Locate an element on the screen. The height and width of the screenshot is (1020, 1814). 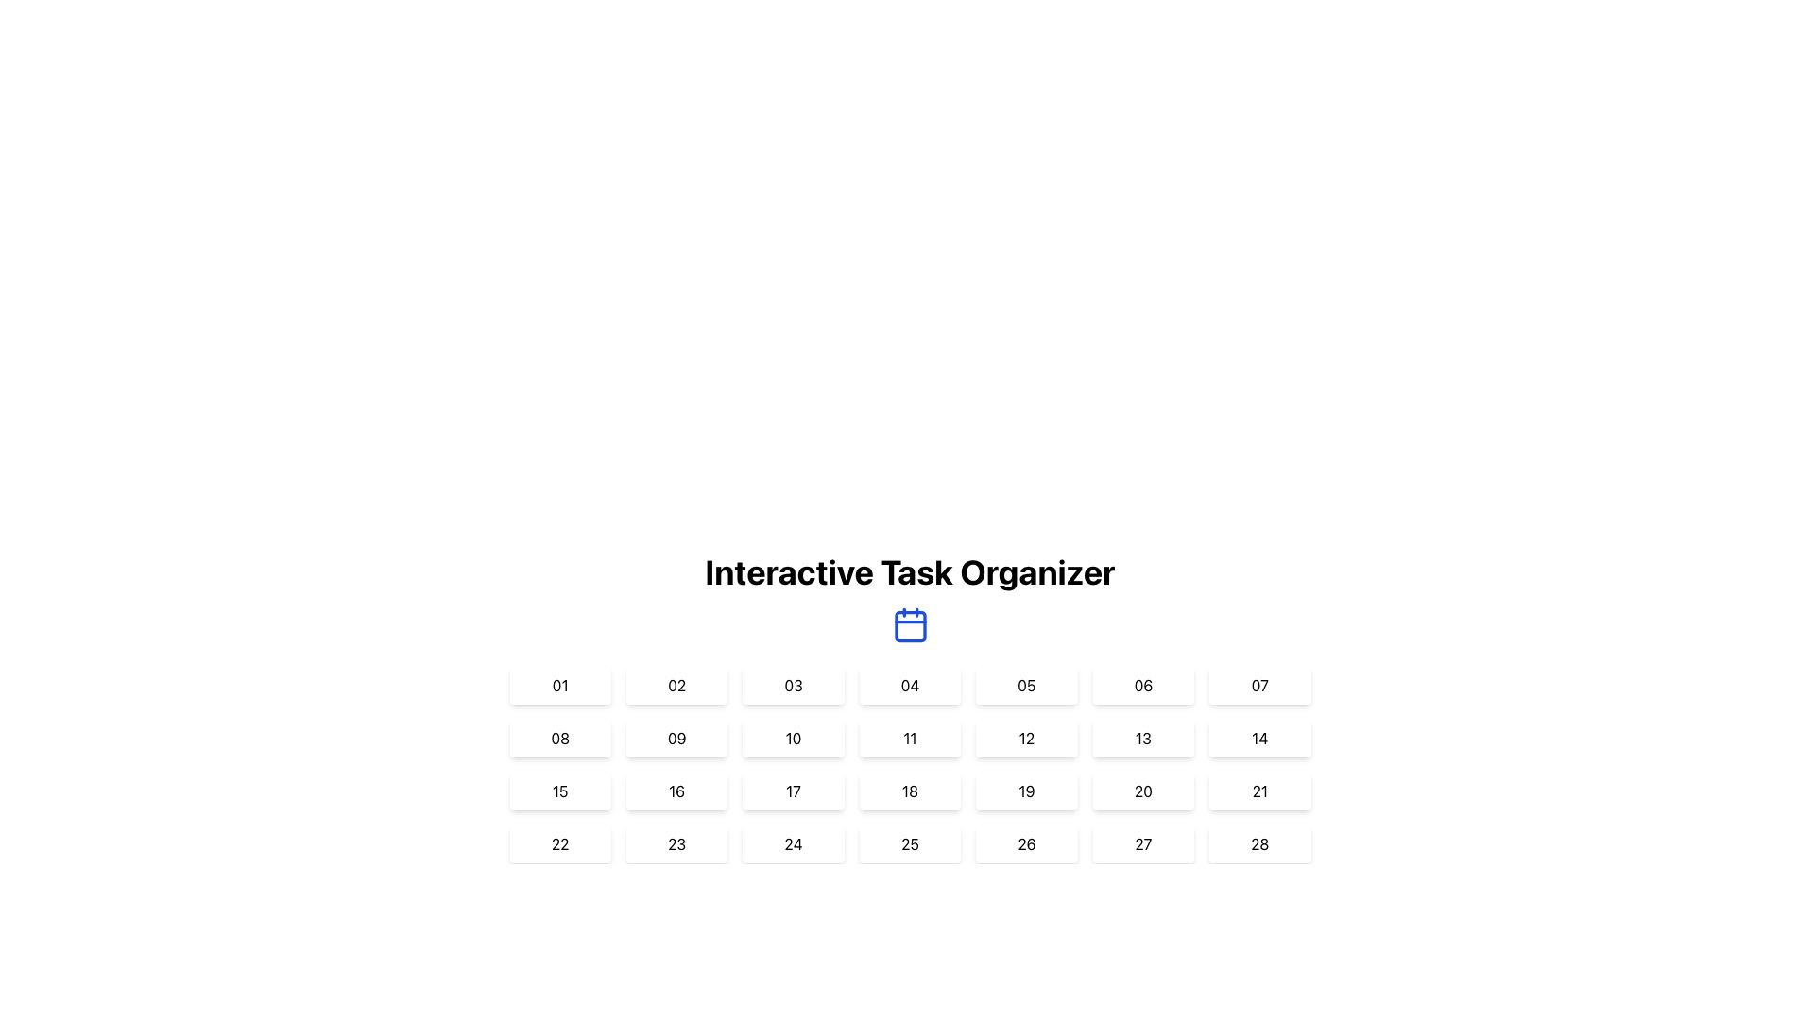
the interactive button is located at coordinates (1259, 685).